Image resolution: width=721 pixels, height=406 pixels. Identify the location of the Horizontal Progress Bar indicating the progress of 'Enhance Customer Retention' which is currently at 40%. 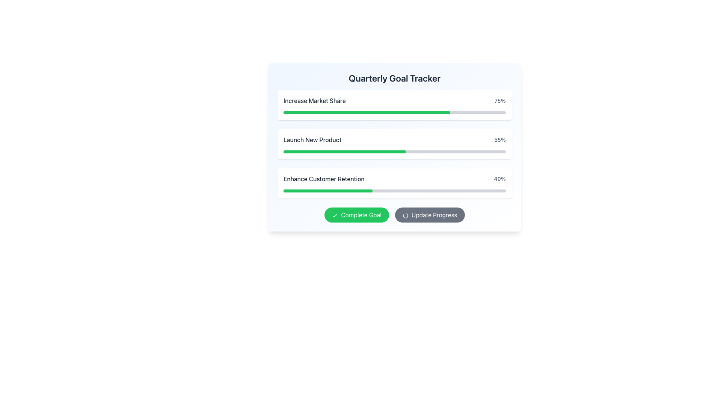
(394, 191).